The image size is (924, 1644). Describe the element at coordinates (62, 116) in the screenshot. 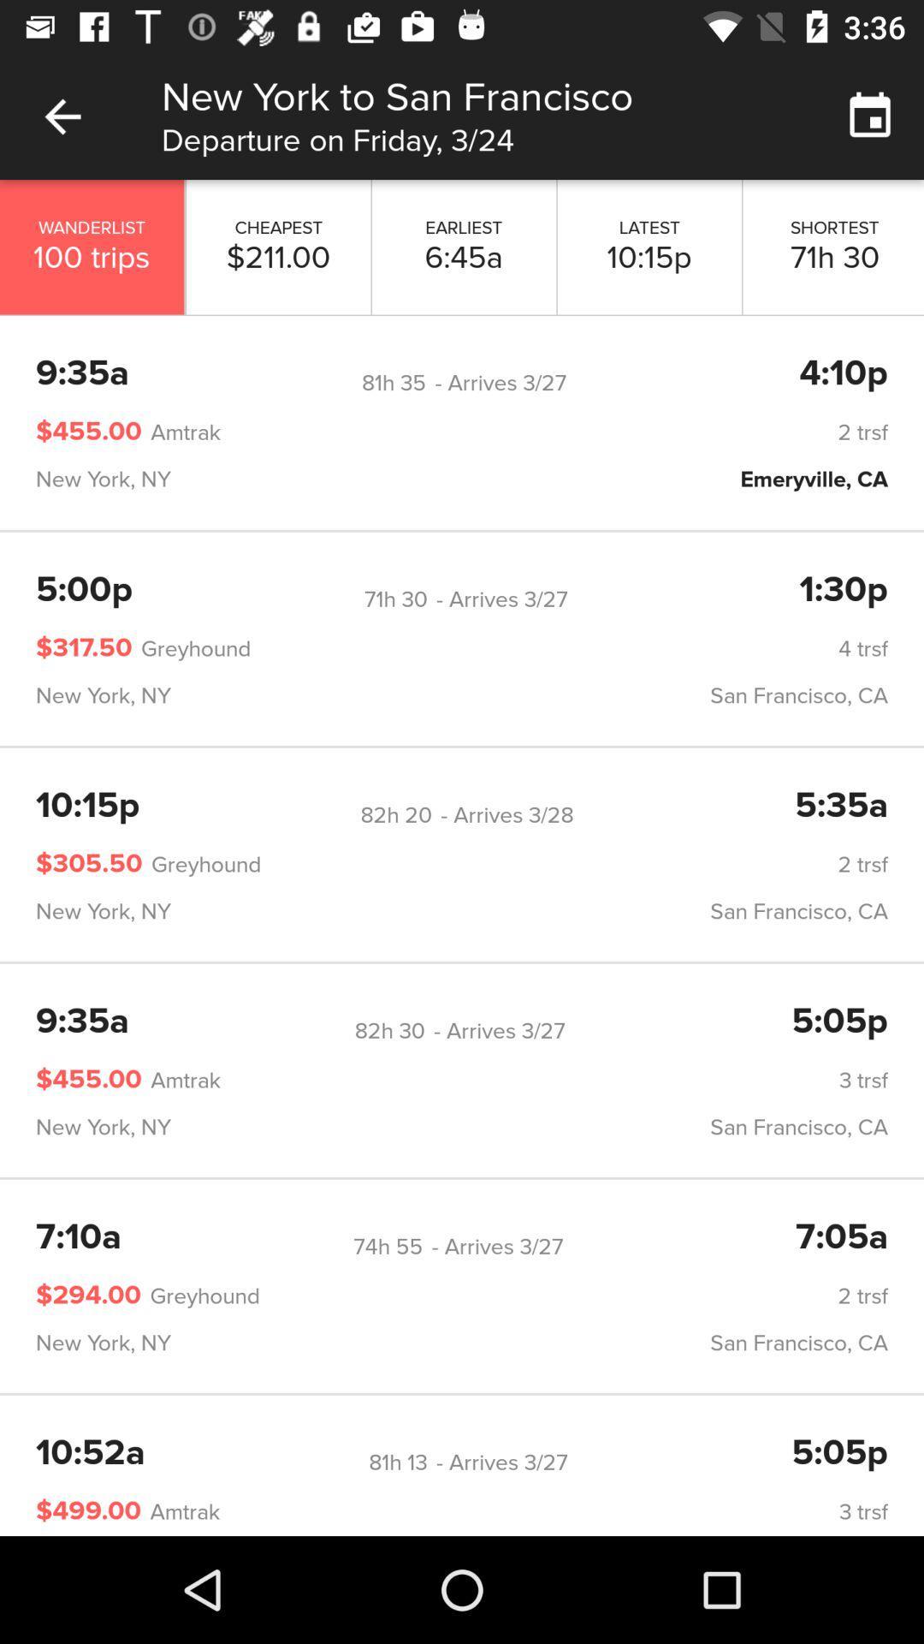

I see `go back` at that location.